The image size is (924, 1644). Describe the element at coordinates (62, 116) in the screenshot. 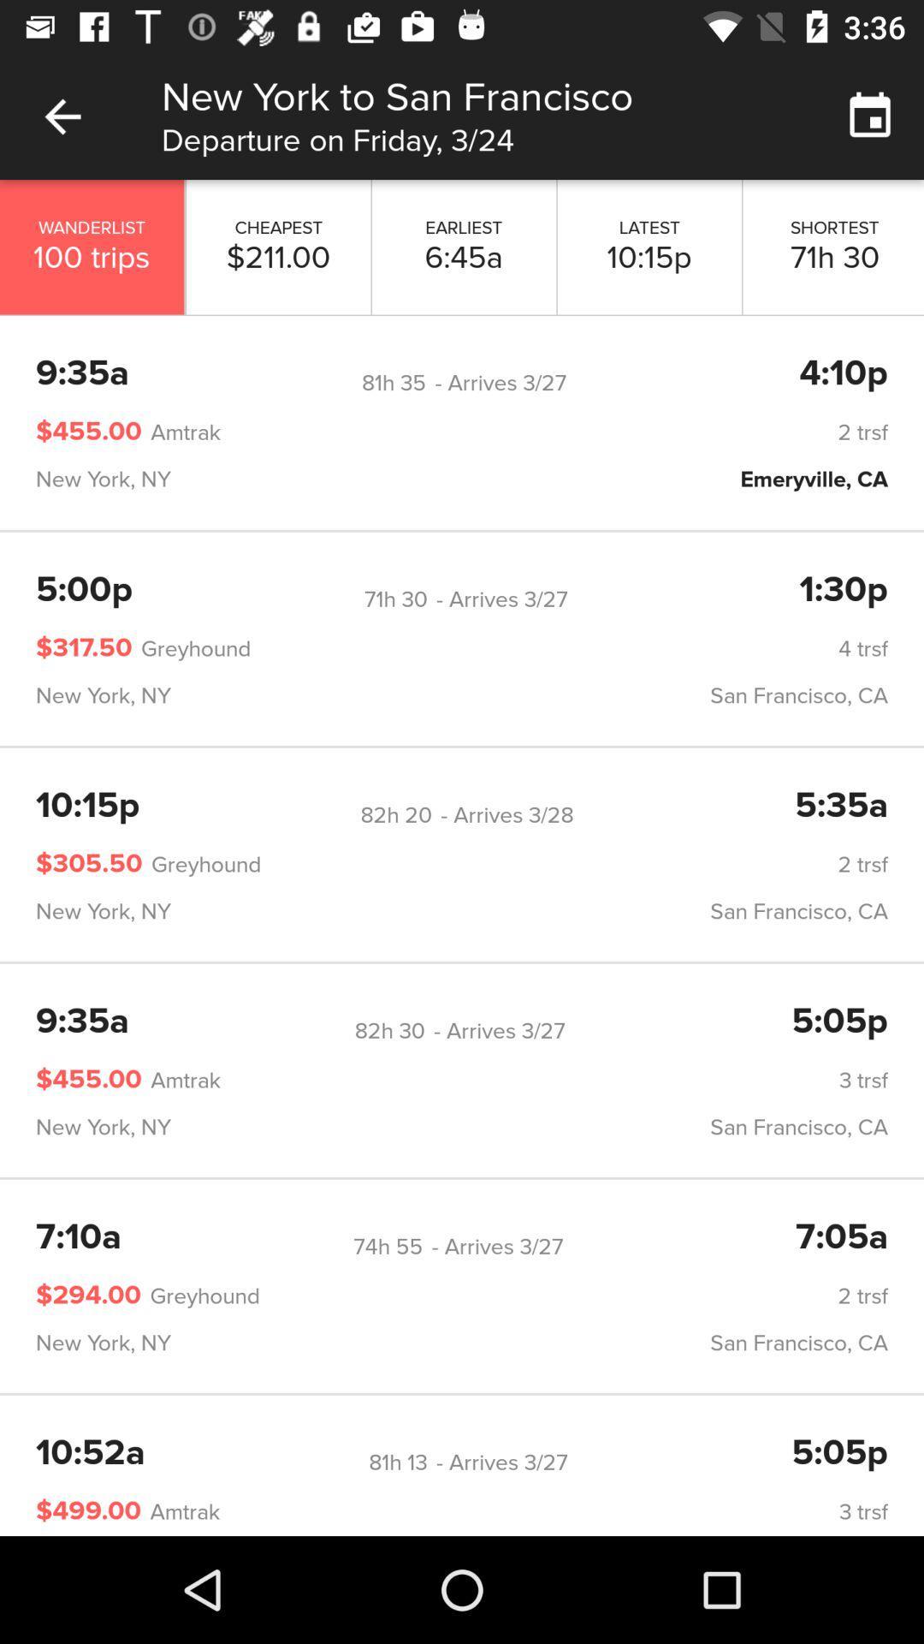

I see `go back` at that location.